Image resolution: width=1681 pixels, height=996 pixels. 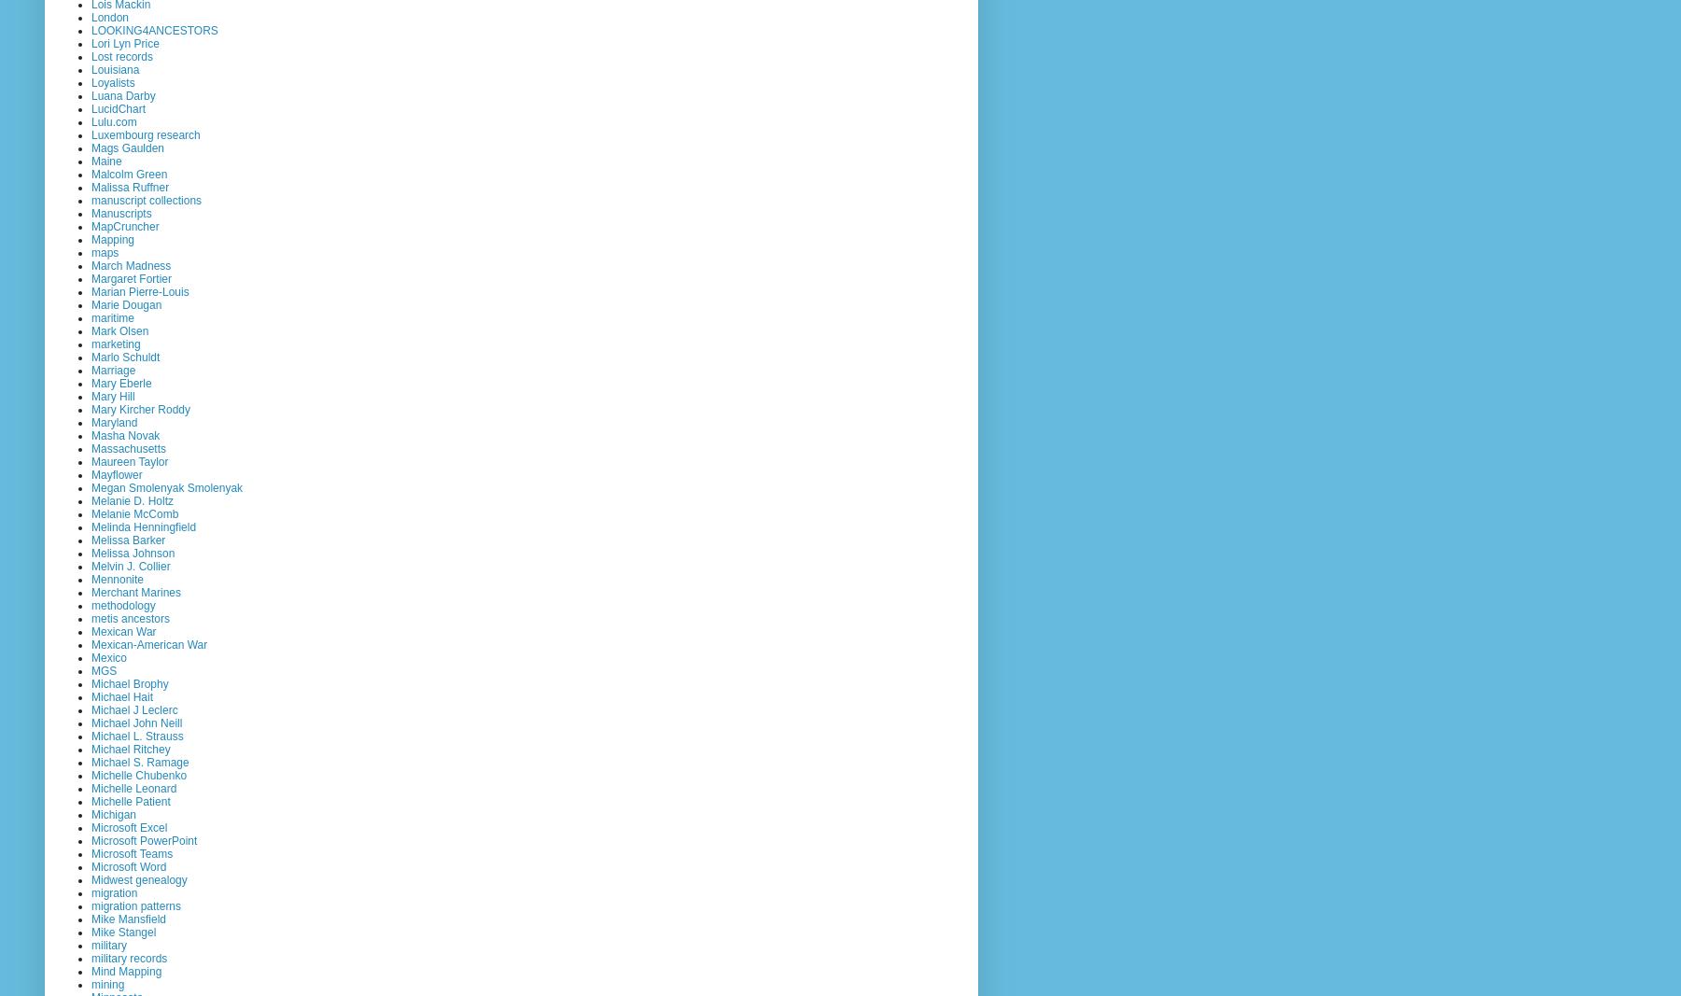 I want to click on 'MGS', so click(x=90, y=668).